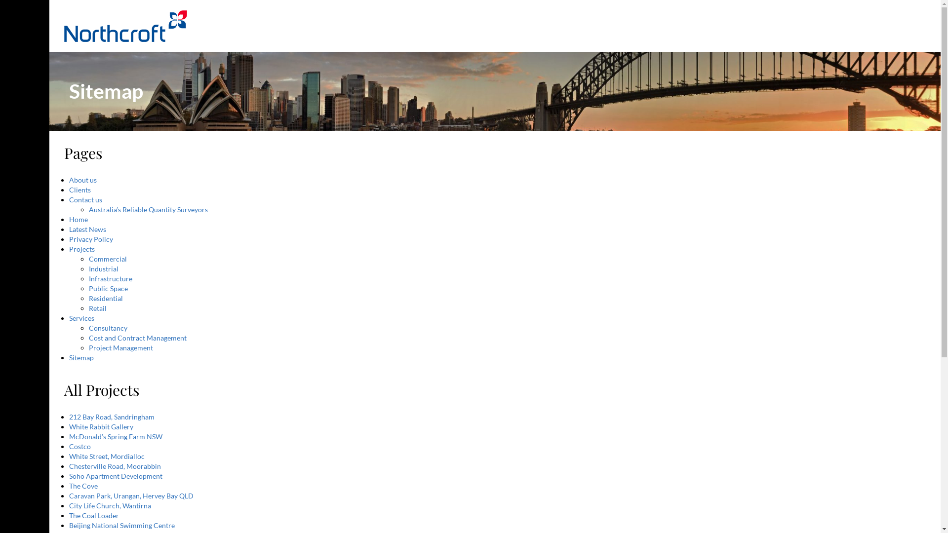 This screenshot has height=533, width=948. Describe the element at coordinates (81, 318) in the screenshot. I see `'Services'` at that location.